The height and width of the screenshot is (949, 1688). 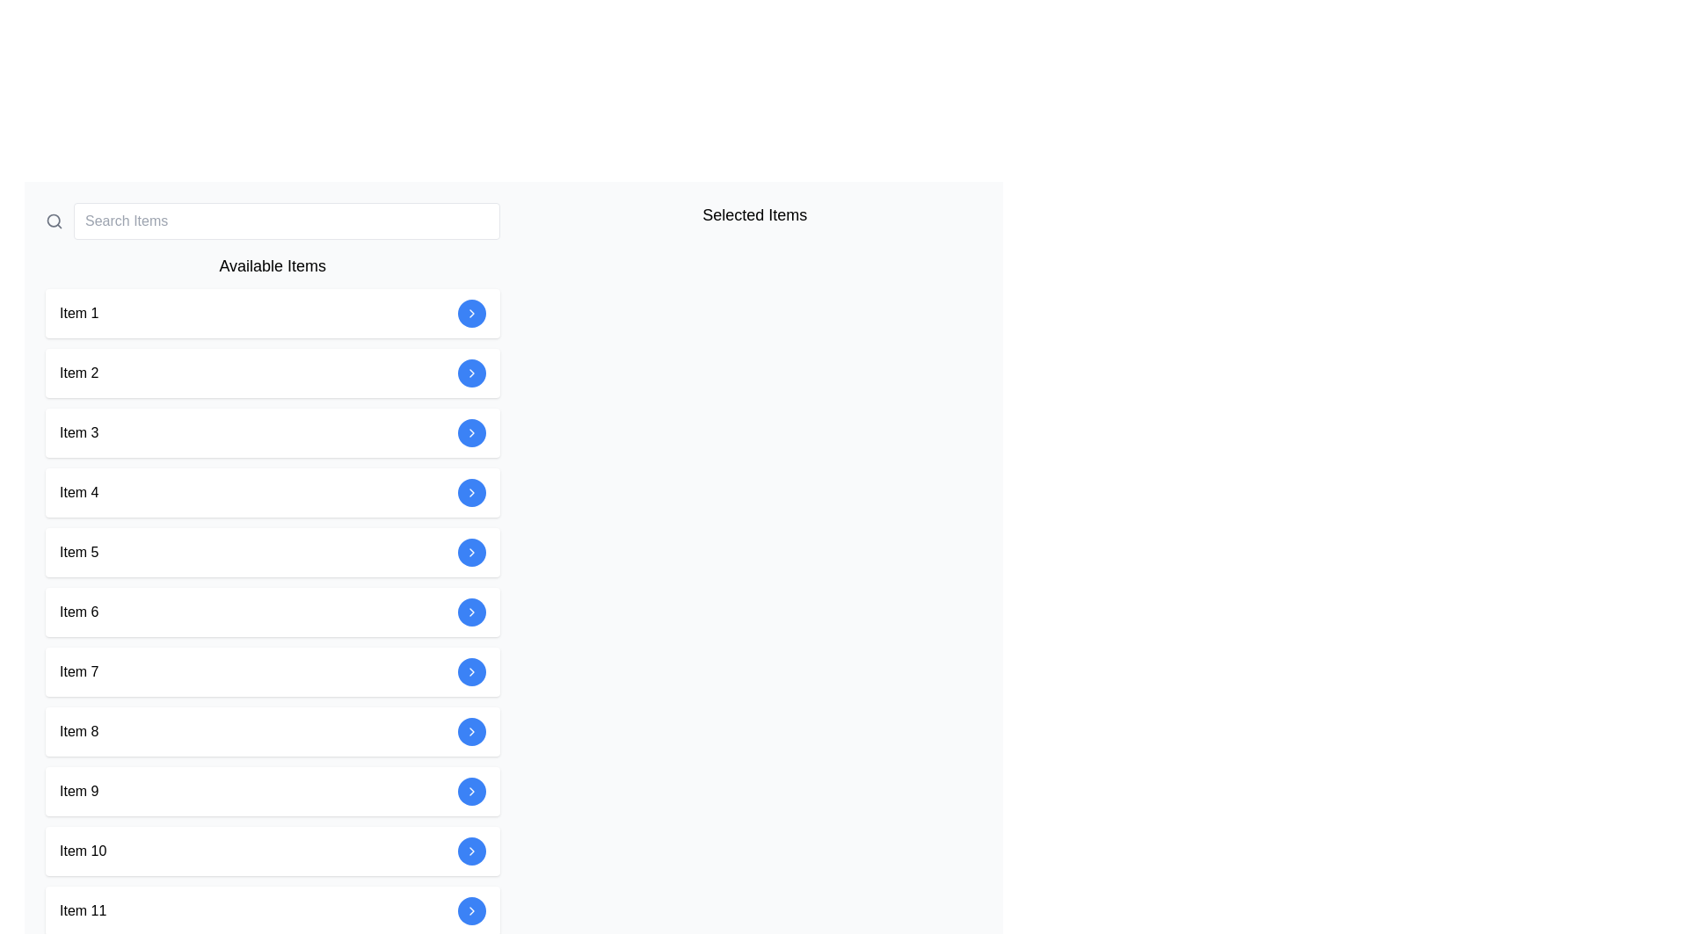 I want to click on text label displaying 'Item 7', which is styled with a clear sans-serif font and positioned horizontally aligned within a larger interactive card, so click(x=78, y=671).